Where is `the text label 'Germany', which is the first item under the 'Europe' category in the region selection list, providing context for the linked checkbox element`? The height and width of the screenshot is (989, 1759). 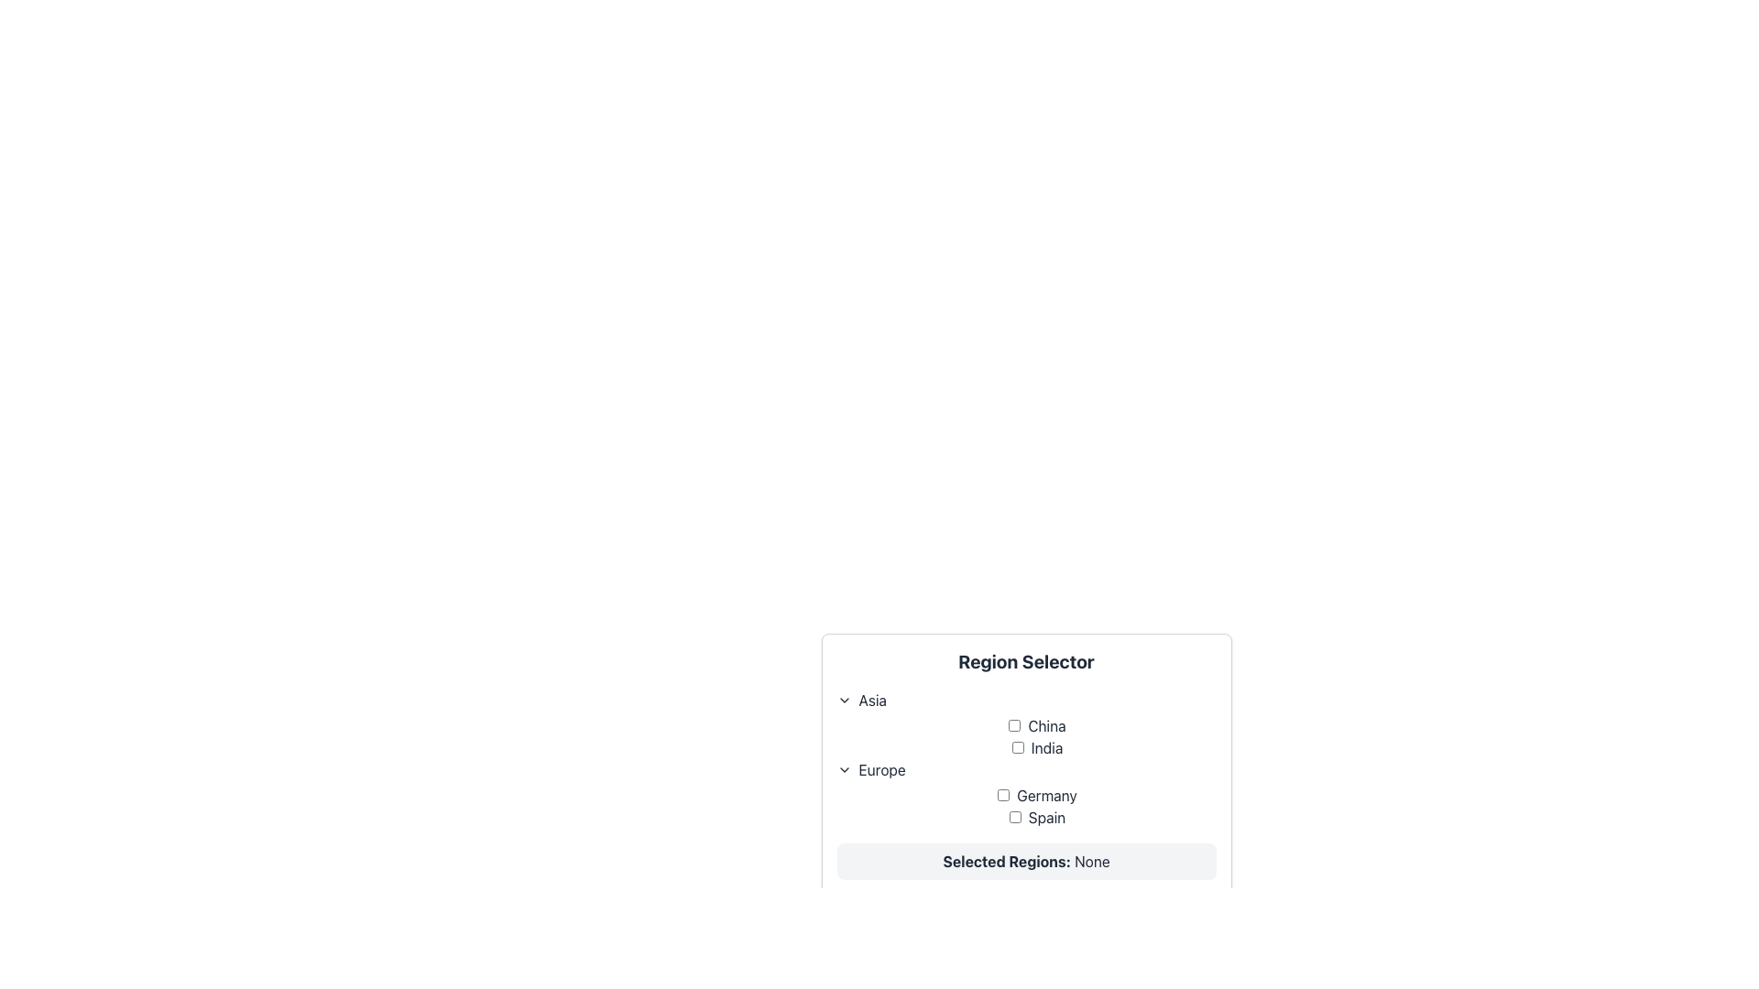 the text label 'Germany', which is the first item under the 'Europe' category in the region selection list, providing context for the linked checkbox element is located at coordinates (1037, 794).